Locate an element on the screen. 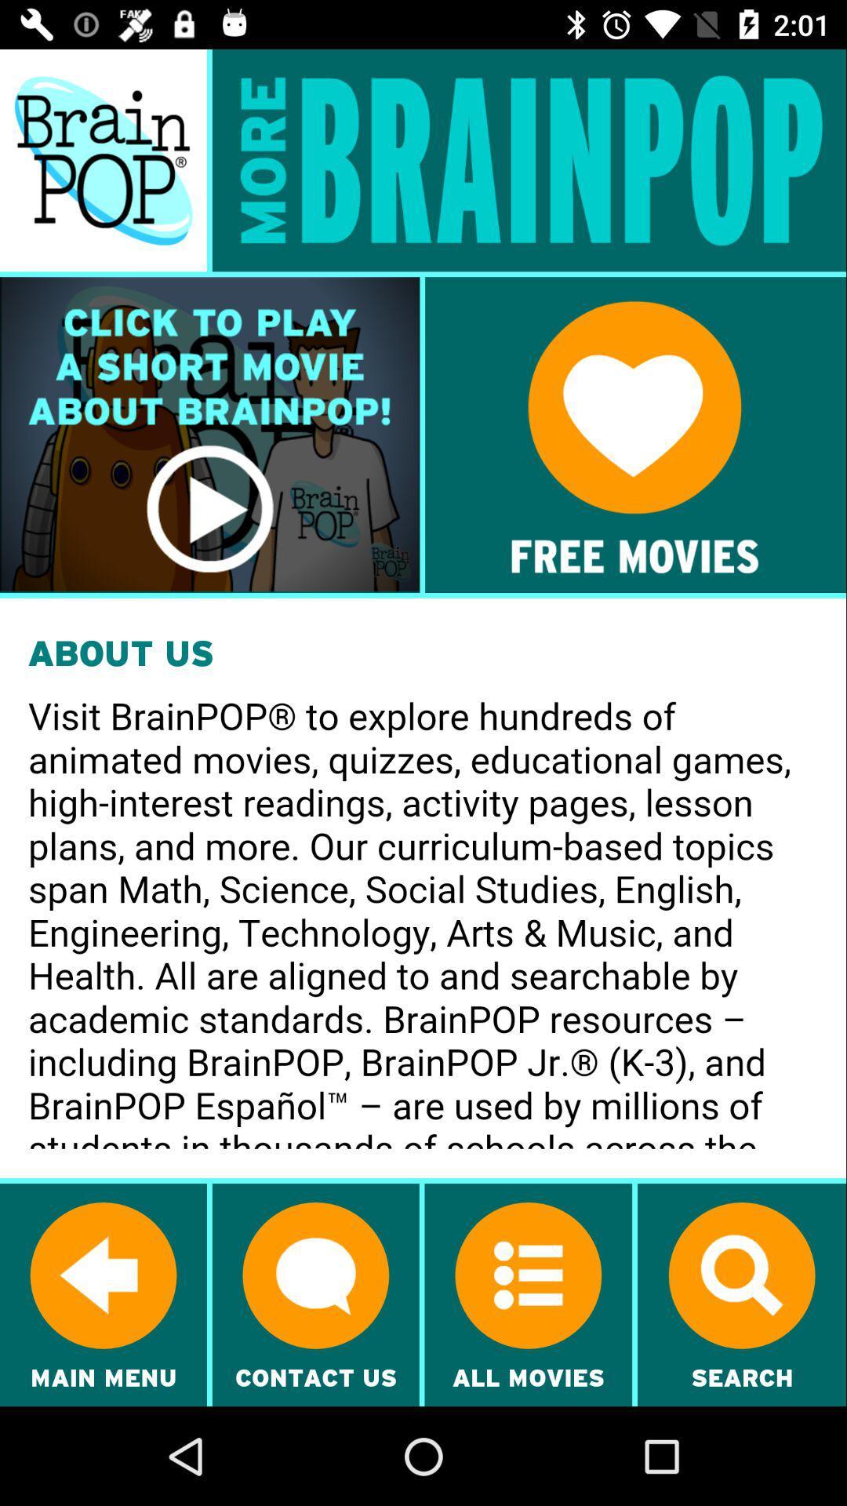  free movies is located at coordinates (635, 435).